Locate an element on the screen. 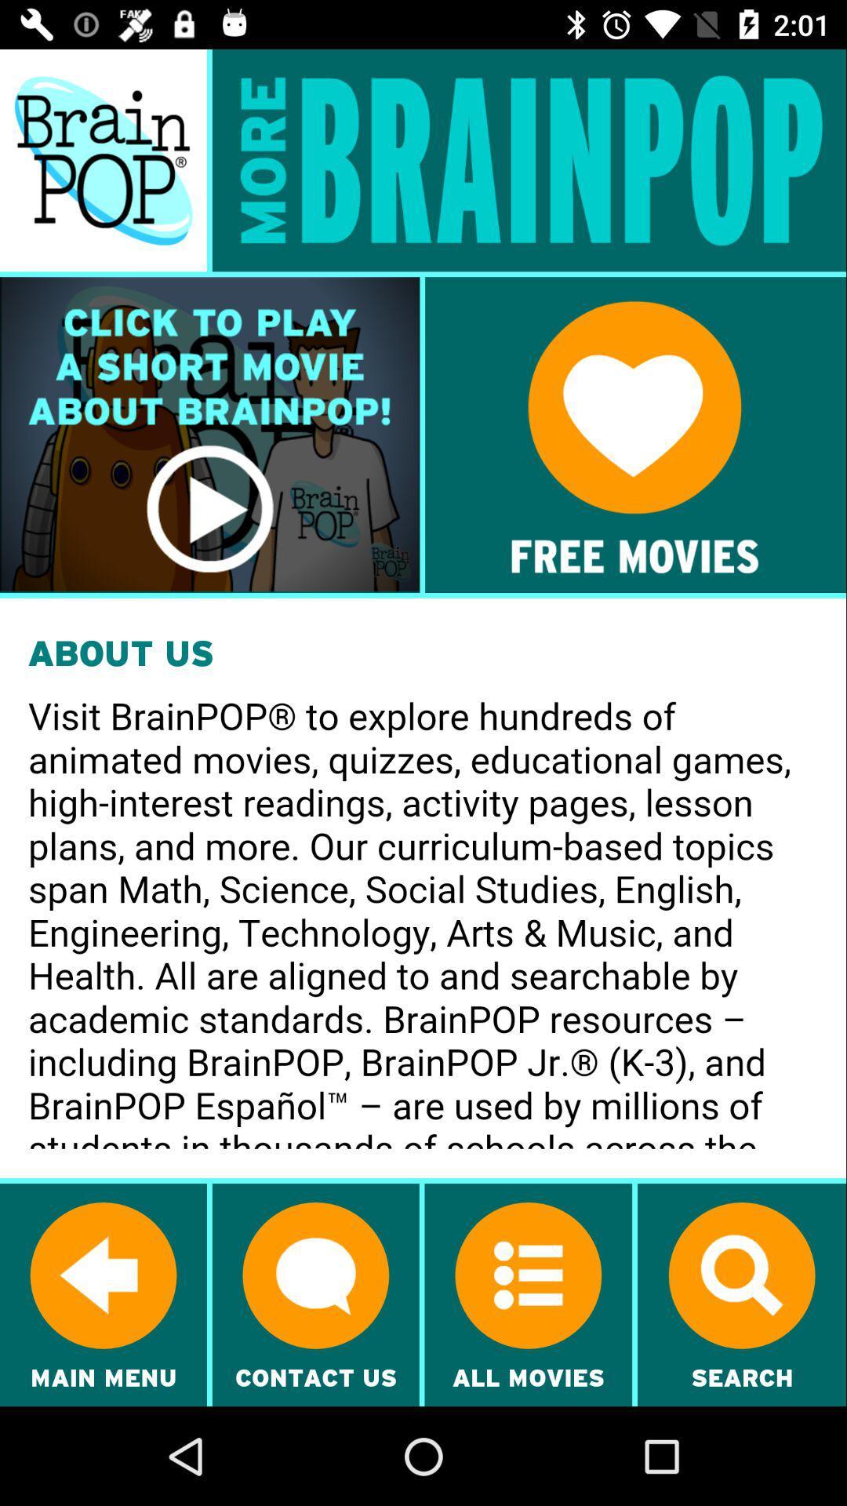  free movies is located at coordinates (635, 435).